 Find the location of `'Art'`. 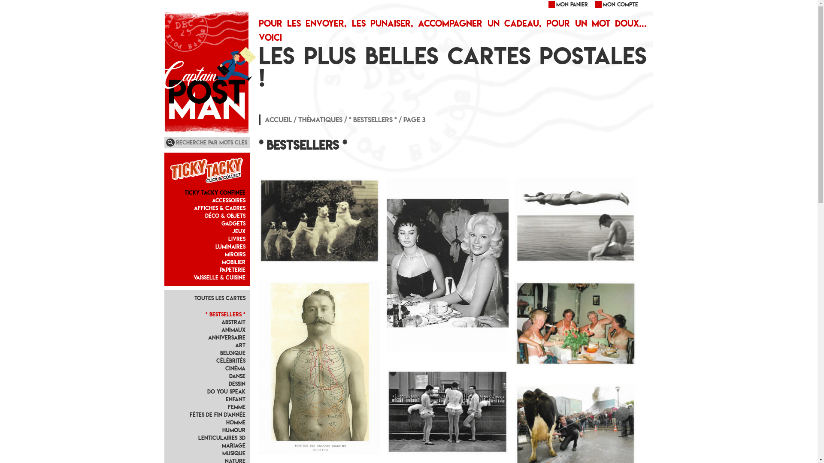

'Art' is located at coordinates (235, 345).